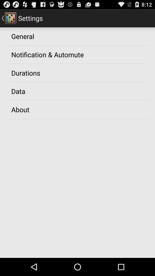 The width and height of the screenshot is (155, 276). I want to click on about icon, so click(20, 109).